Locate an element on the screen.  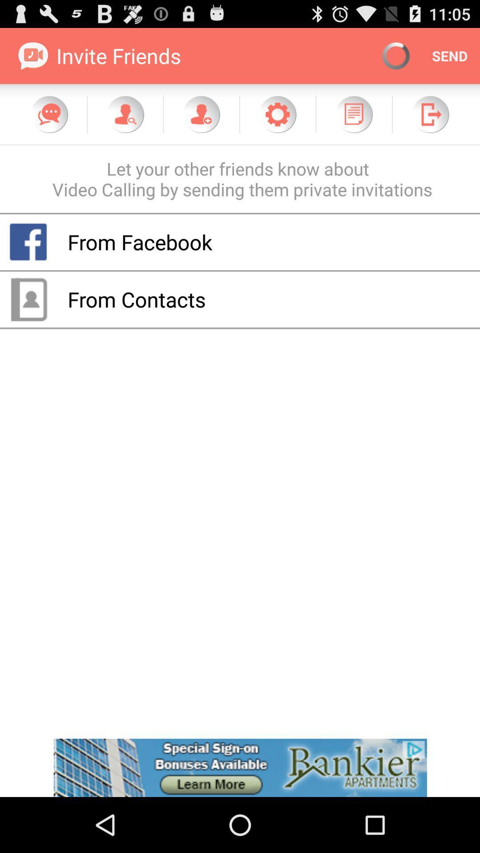
expand setting menu is located at coordinates (277, 114).